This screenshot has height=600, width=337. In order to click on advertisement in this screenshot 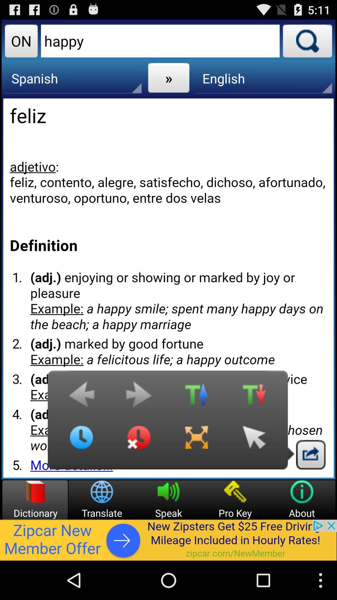, I will do `click(168, 540)`.